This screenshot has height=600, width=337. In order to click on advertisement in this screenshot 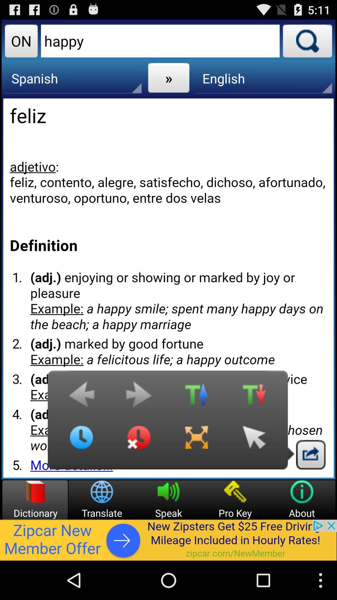, I will do `click(168, 540)`.